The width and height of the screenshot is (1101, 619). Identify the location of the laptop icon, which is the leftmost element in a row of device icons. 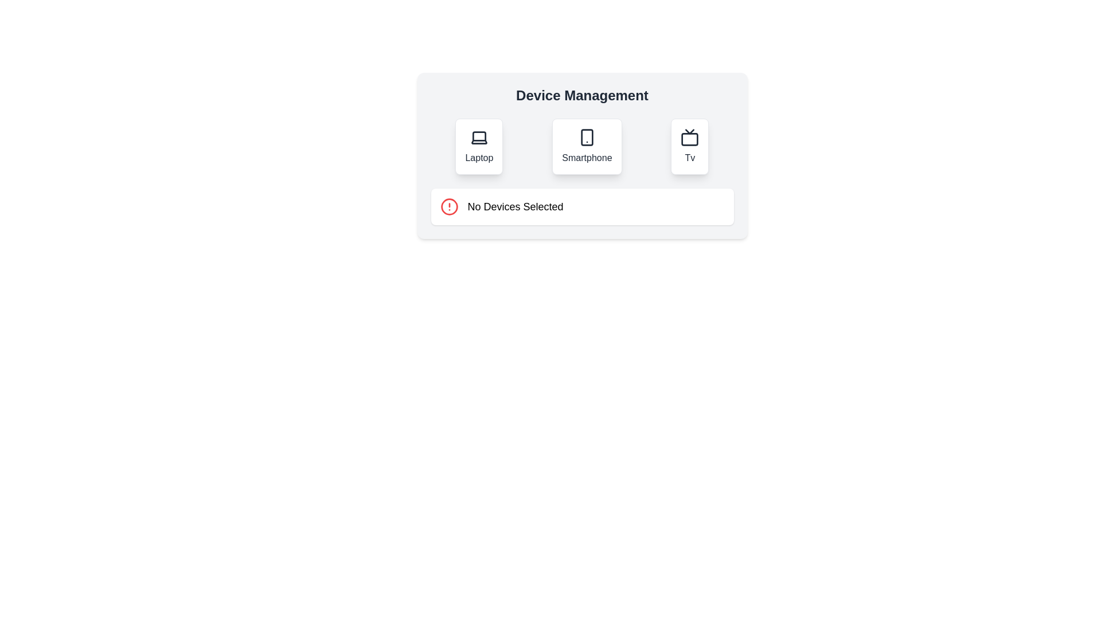
(479, 137).